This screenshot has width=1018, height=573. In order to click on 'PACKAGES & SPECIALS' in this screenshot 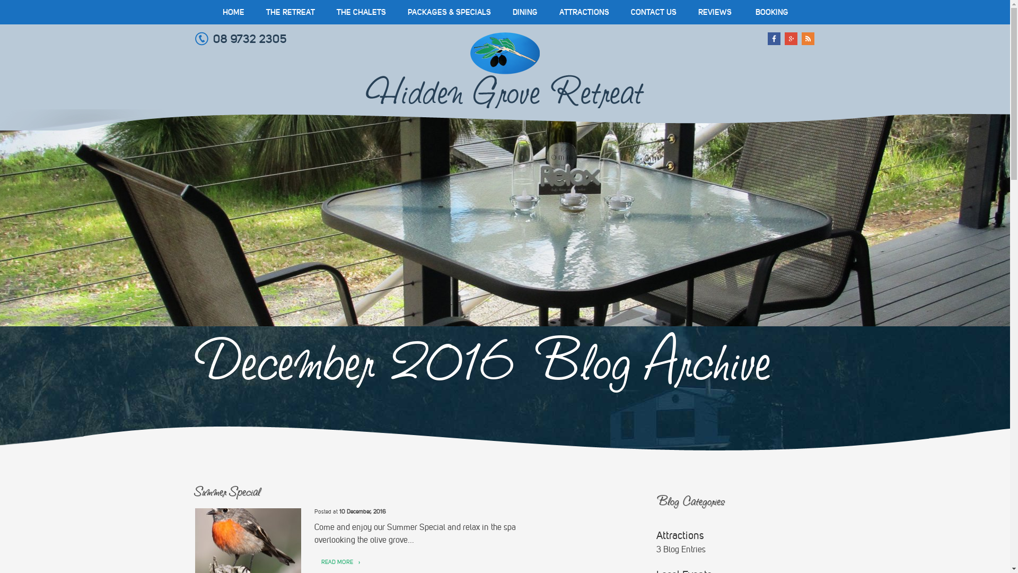, I will do `click(449, 12)`.